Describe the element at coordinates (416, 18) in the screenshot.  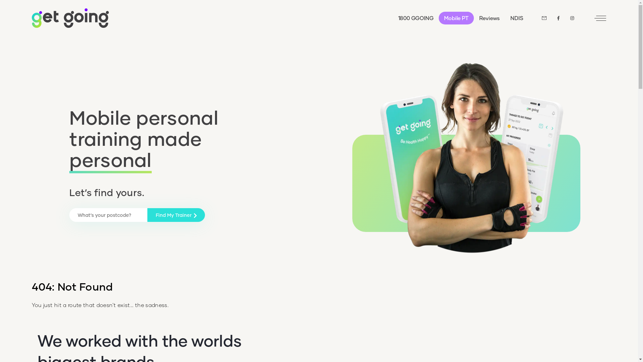
I see `'1800 GGOING'` at that location.